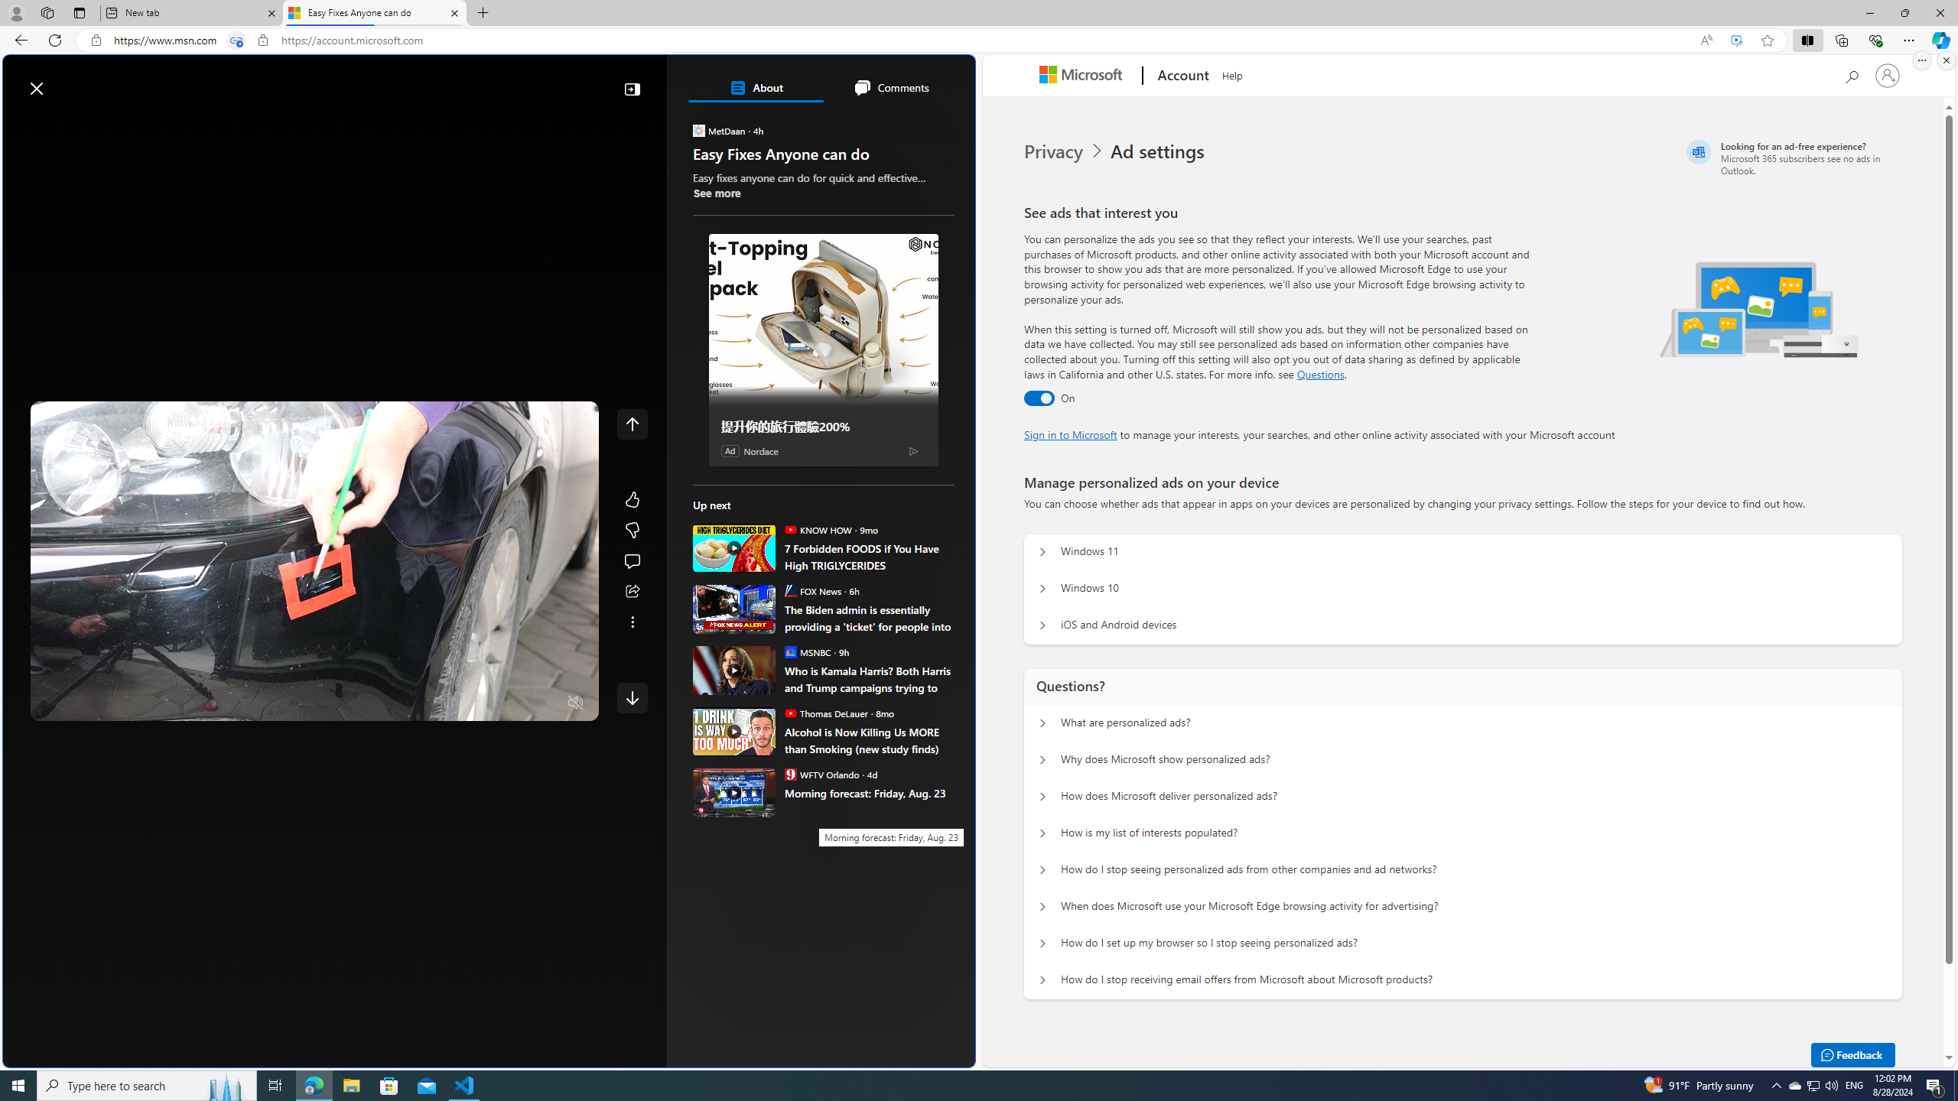 The height and width of the screenshot is (1101, 1958). I want to click on 'Captions', so click(515, 703).